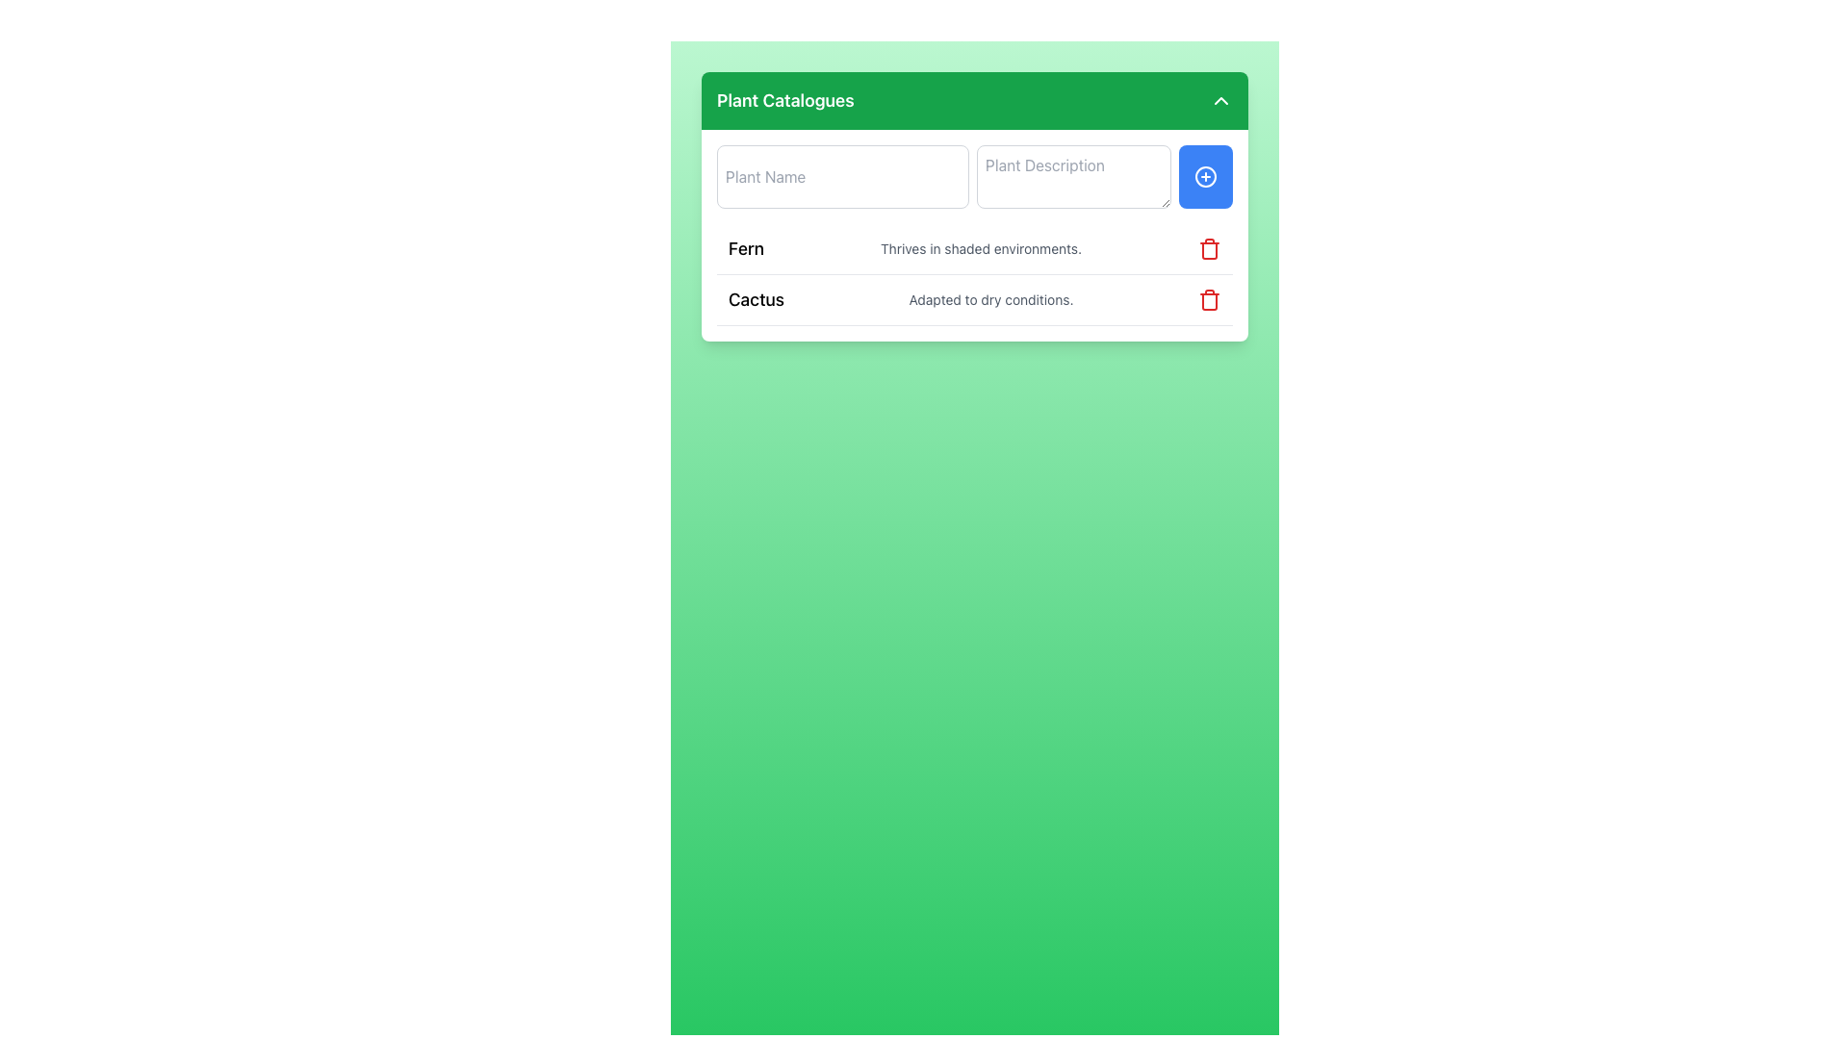 The width and height of the screenshot is (1848, 1039). Describe the element at coordinates (1209, 300) in the screenshot. I see `the delete button located in the bottom-right corner of the plant entry for 'Cactus'` at that location.